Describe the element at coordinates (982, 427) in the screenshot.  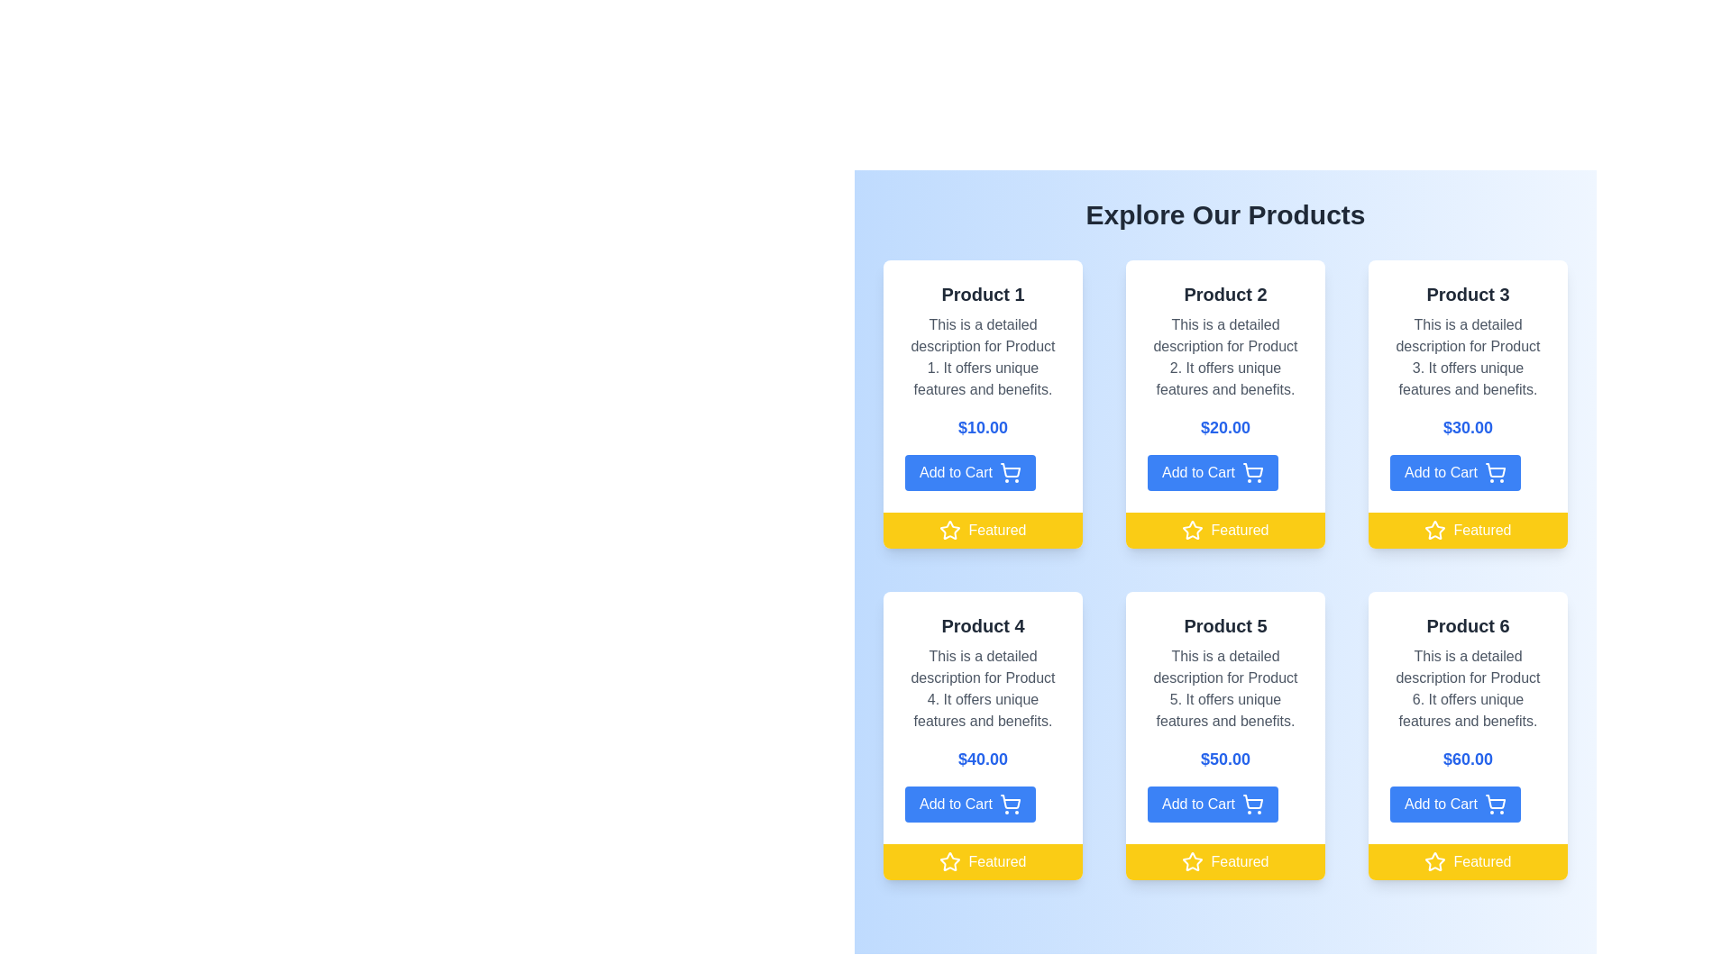
I see `the price label displaying '$10.00' in bold blue font, located in the upper-left corner of the first product card, above the 'Add to Cart' button` at that location.